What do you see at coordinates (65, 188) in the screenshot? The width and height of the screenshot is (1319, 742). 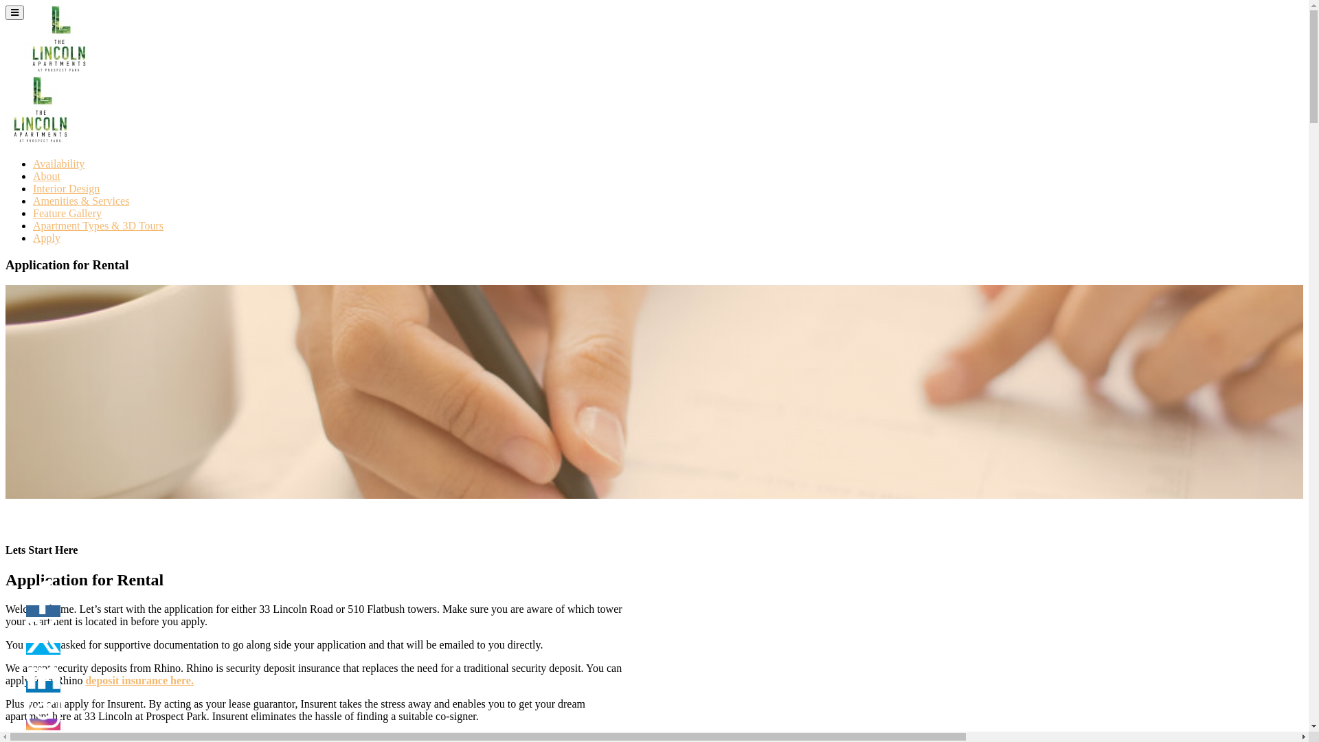 I see `'Interior Design'` at bounding box center [65, 188].